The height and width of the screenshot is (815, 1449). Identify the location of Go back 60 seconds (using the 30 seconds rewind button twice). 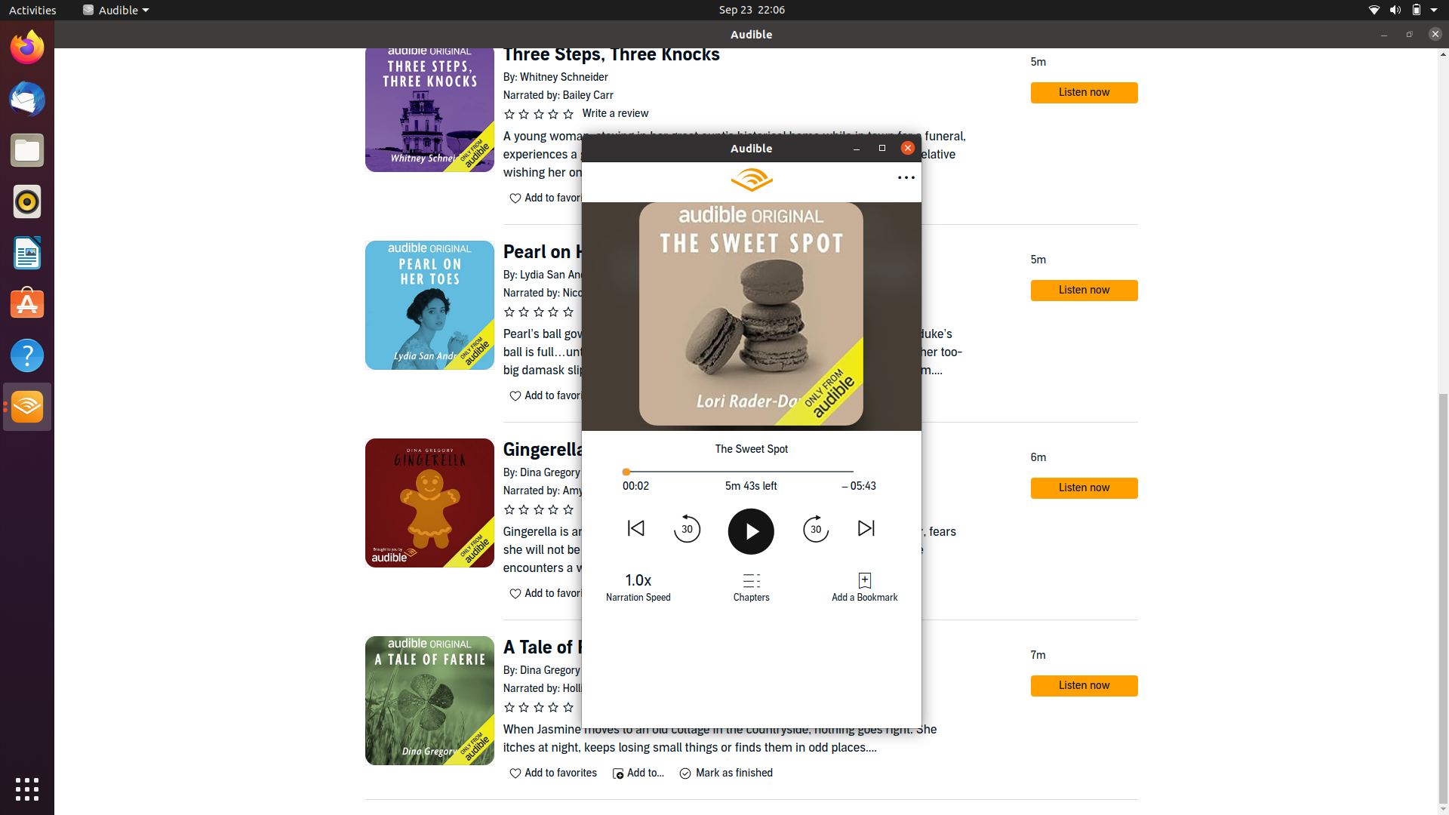
(688, 527).